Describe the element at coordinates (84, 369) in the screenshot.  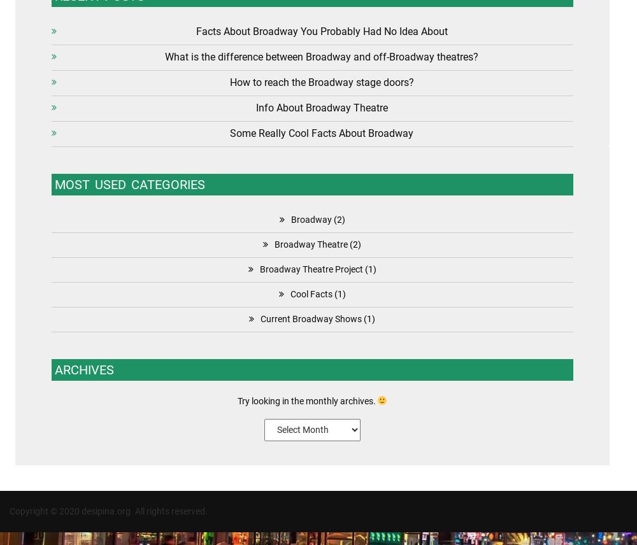
I see `'Archives'` at that location.